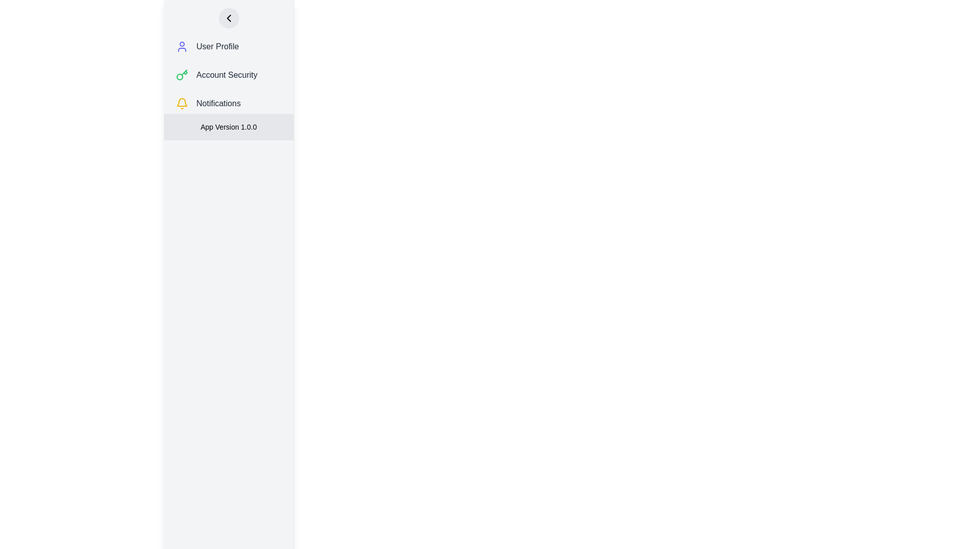 The image size is (977, 549). I want to click on the stylized key icon with a green outline located in the 'Account Security' menu under the sidebar menu, so click(182, 74).